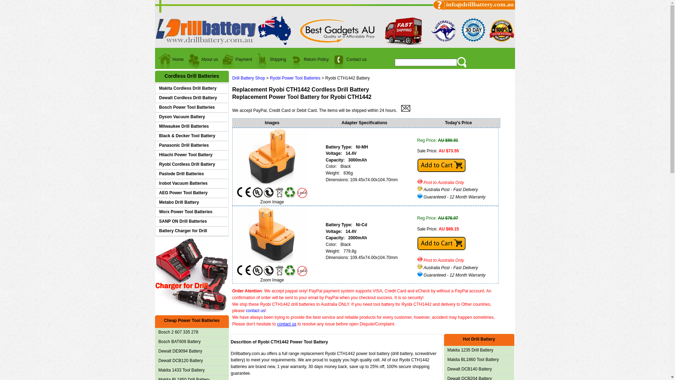 This screenshot has width=675, height=380. What do you see at coordinates (248, 78) in the screenshot?
I see `'Drill Battery Shop'` at bounding box center [248, 78].